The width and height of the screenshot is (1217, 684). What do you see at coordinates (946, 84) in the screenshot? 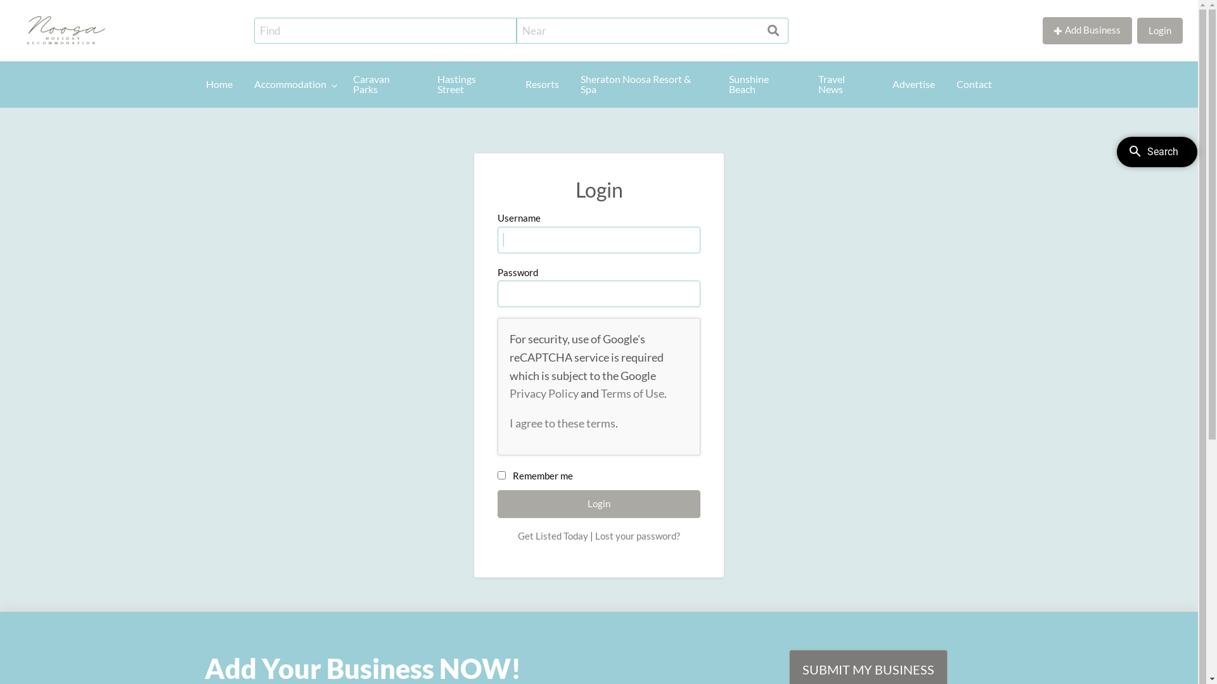
I see `'Contact'` at bounding box center [946, 84].